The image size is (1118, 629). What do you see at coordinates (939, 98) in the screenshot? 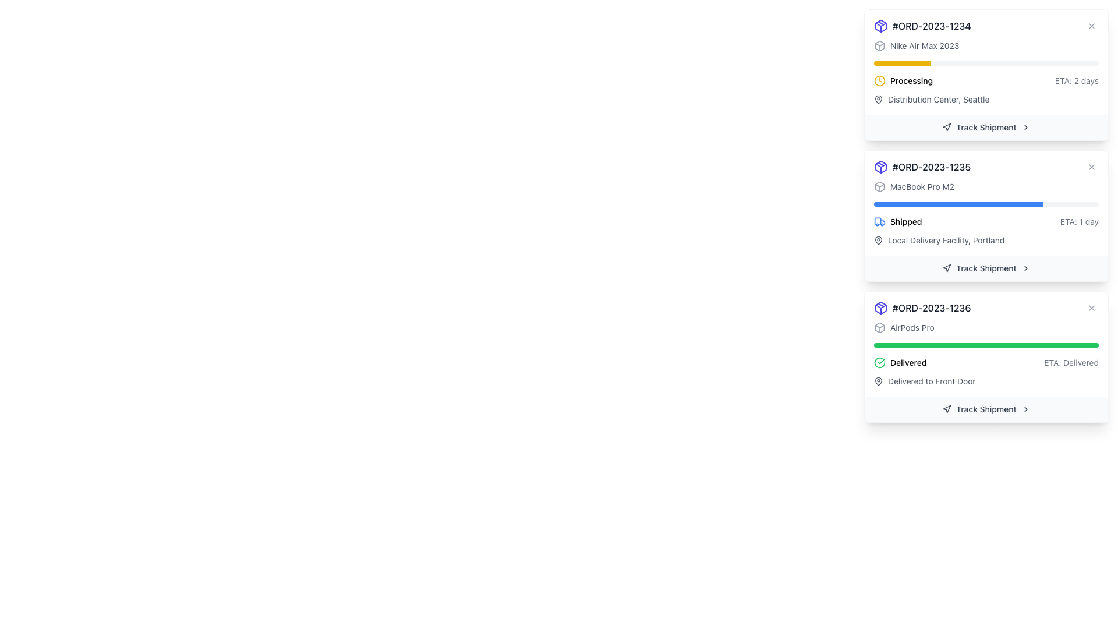
I see `the text label that indicates the shipment's current processing center, which reads 'Distribution Center, Seattle', located within the shipment card #ORD-2023-1234, below the yellow progress bar and beside the location icon` at bounding box center [939, 98].